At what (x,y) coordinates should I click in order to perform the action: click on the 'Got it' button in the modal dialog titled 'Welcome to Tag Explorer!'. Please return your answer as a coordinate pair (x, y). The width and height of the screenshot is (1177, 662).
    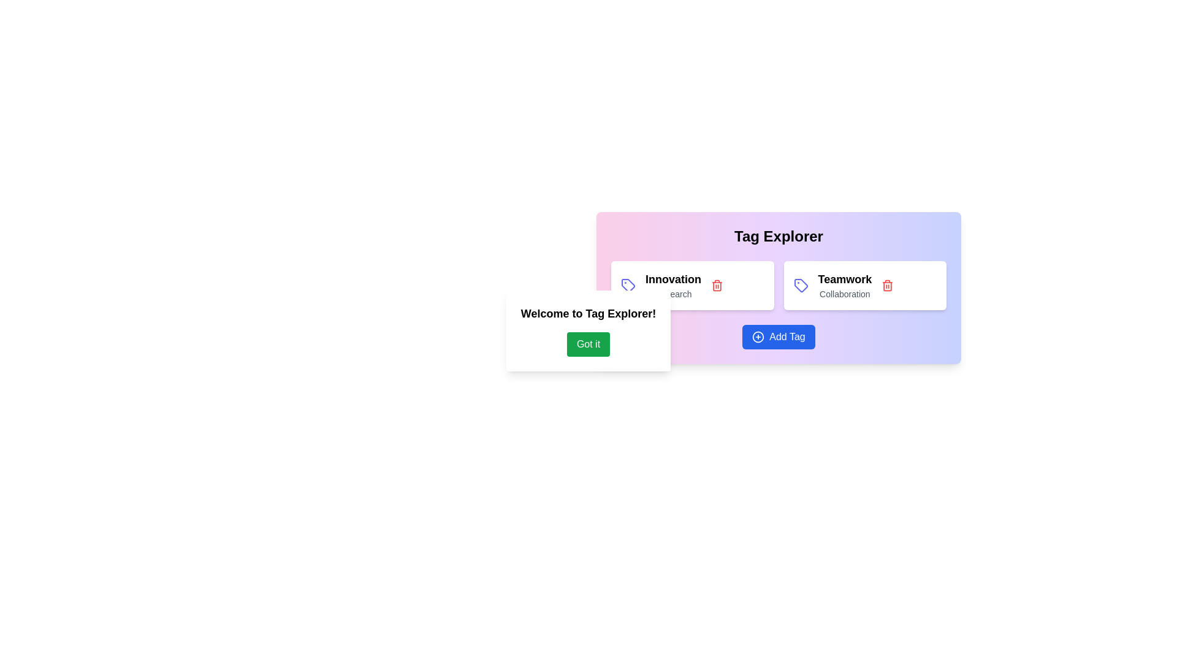
    Looking at the image, I should click on (588, 331).